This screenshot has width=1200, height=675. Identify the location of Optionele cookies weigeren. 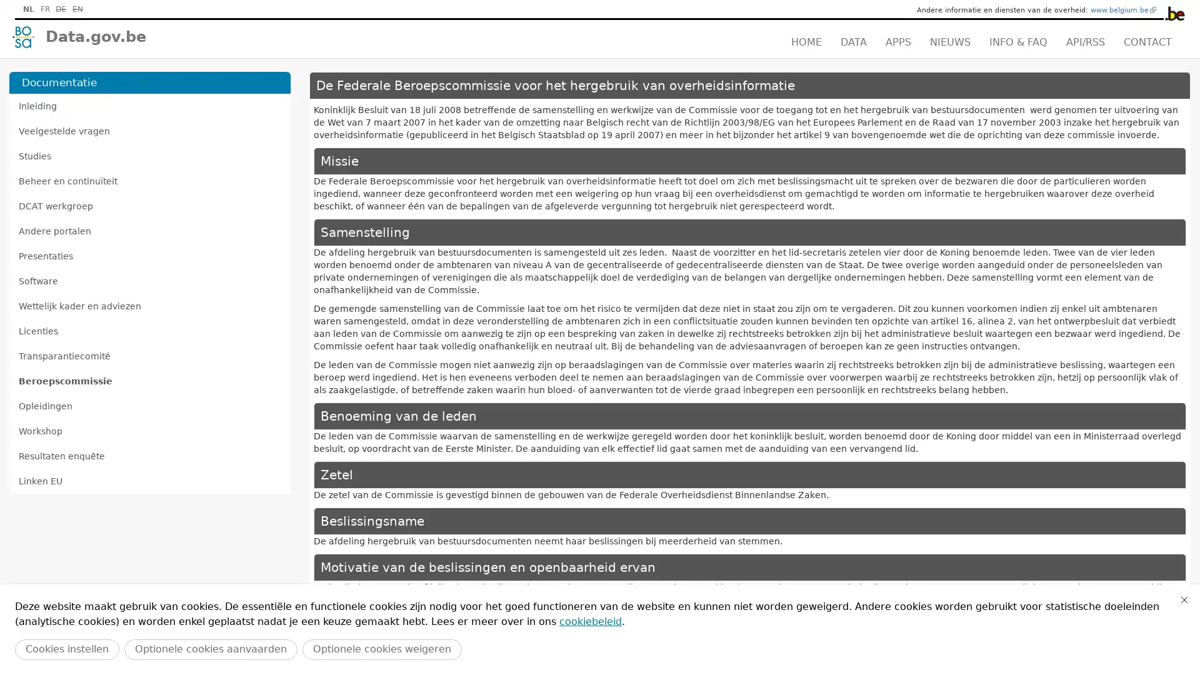
(381, 649).